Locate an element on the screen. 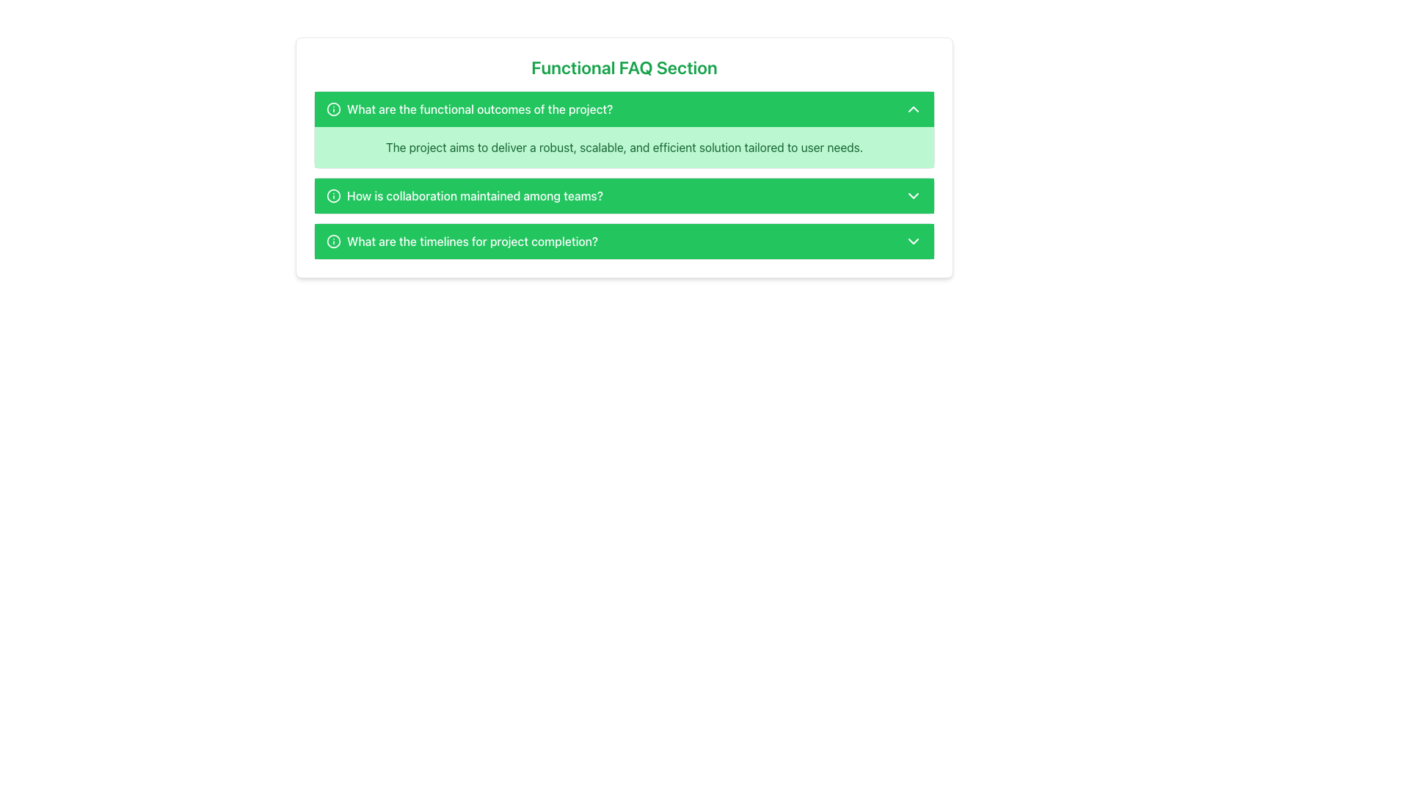  the SVG Circle element located in the FAQ section that corresponds to the question 'What are the functional outcomes of the project?' is located at coordinates (333, 109).